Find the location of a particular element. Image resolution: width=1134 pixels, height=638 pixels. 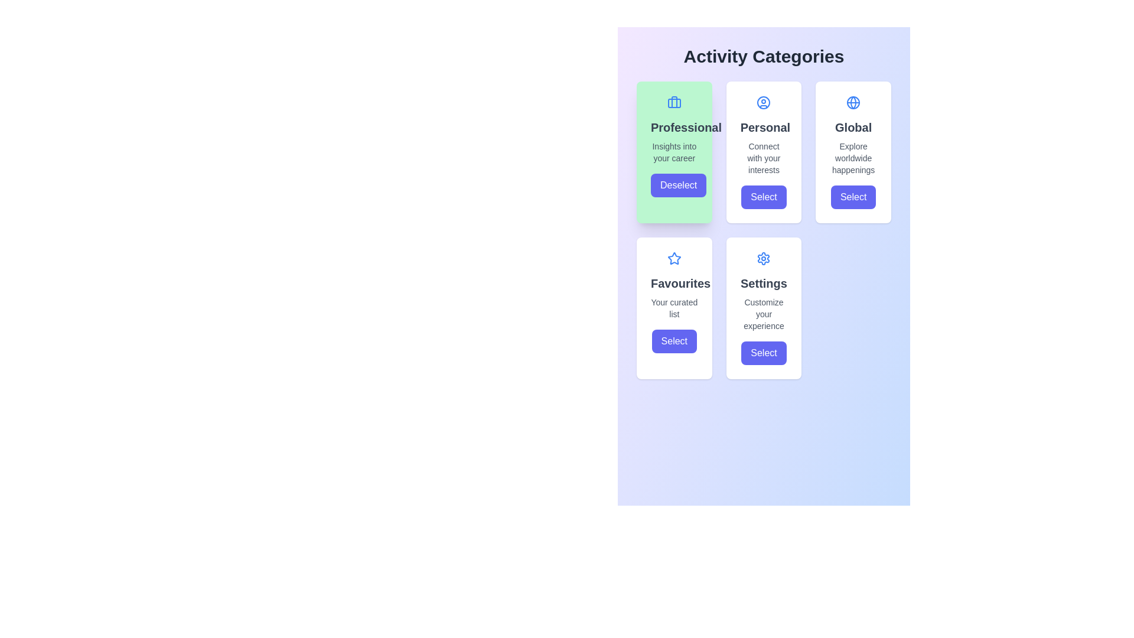

the user profile icon within the circle located in the top-right card labeled 'Personal' in the 'Activity Categories' section is located at coordinates (764, 102).